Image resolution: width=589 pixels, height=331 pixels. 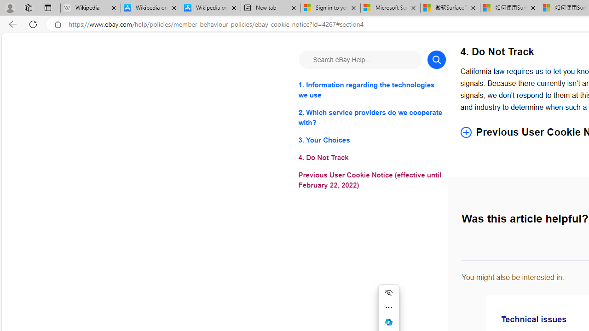 I want to click on '1. Information regarding the technologies we use', so click(x=372, y=90).